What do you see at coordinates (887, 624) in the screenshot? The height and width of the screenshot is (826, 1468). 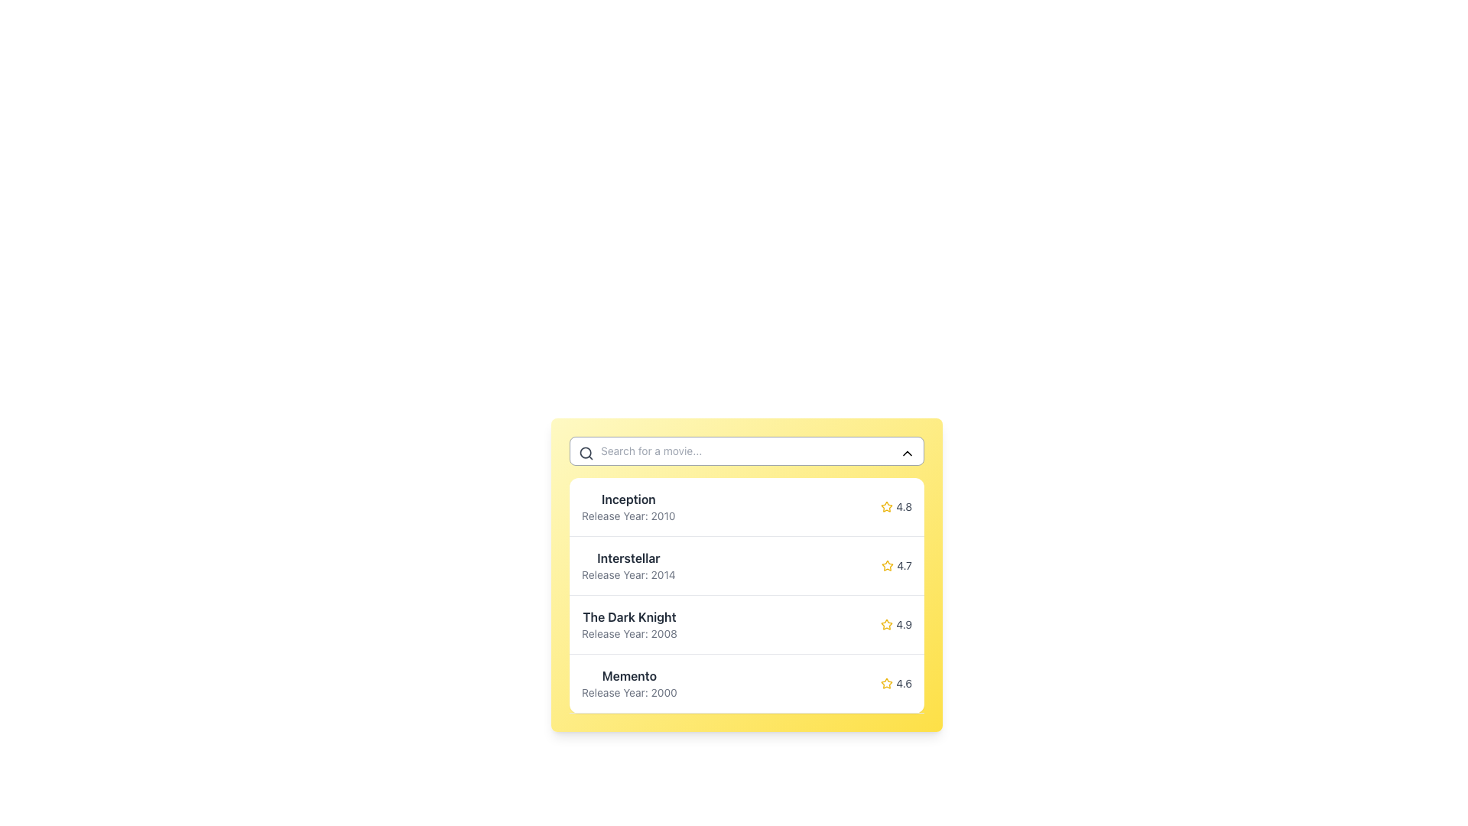 I see `the yellow hollow star icon located to the right of the movie rating '4.9' for 'The Dark Knight'` at bounding box center [887, 624].